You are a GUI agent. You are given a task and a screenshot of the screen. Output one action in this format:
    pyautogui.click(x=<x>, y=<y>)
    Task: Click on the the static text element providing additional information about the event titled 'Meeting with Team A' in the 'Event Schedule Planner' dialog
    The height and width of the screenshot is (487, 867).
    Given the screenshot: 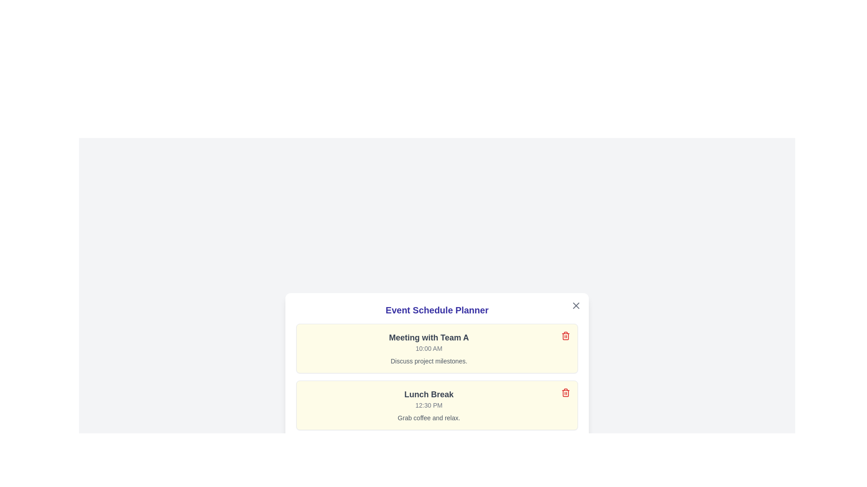 What is the action you would take?
    pyautogui.click(x=429, y=361)
    